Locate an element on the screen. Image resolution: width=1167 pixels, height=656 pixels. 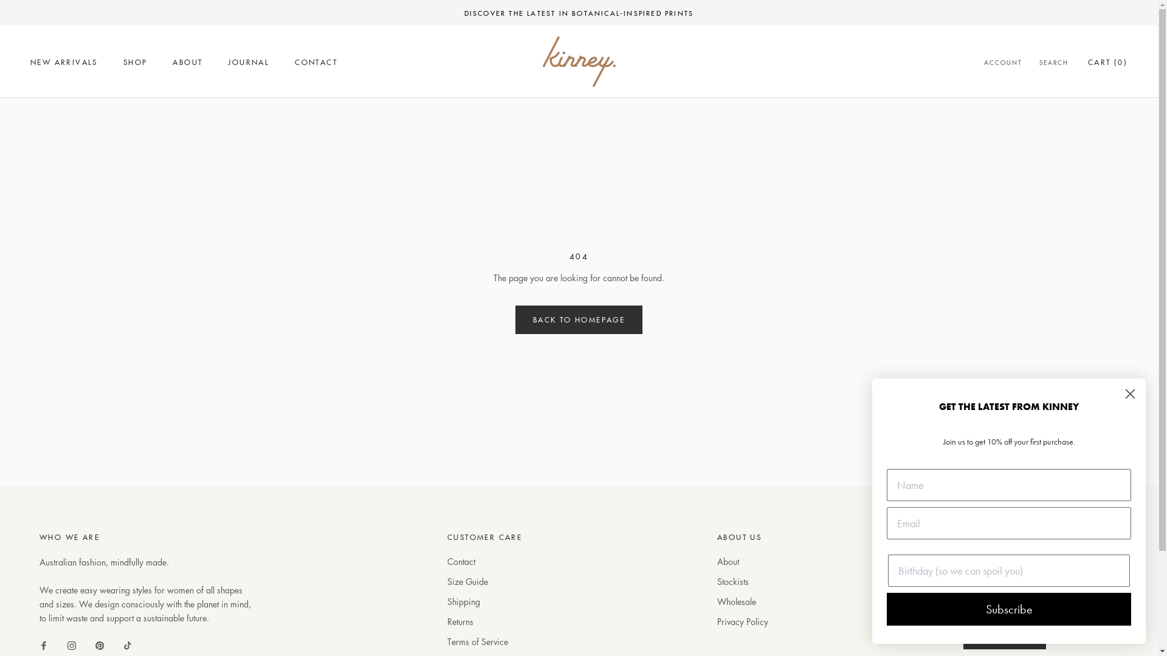
'SHOP is located at coordinates (135, 62).